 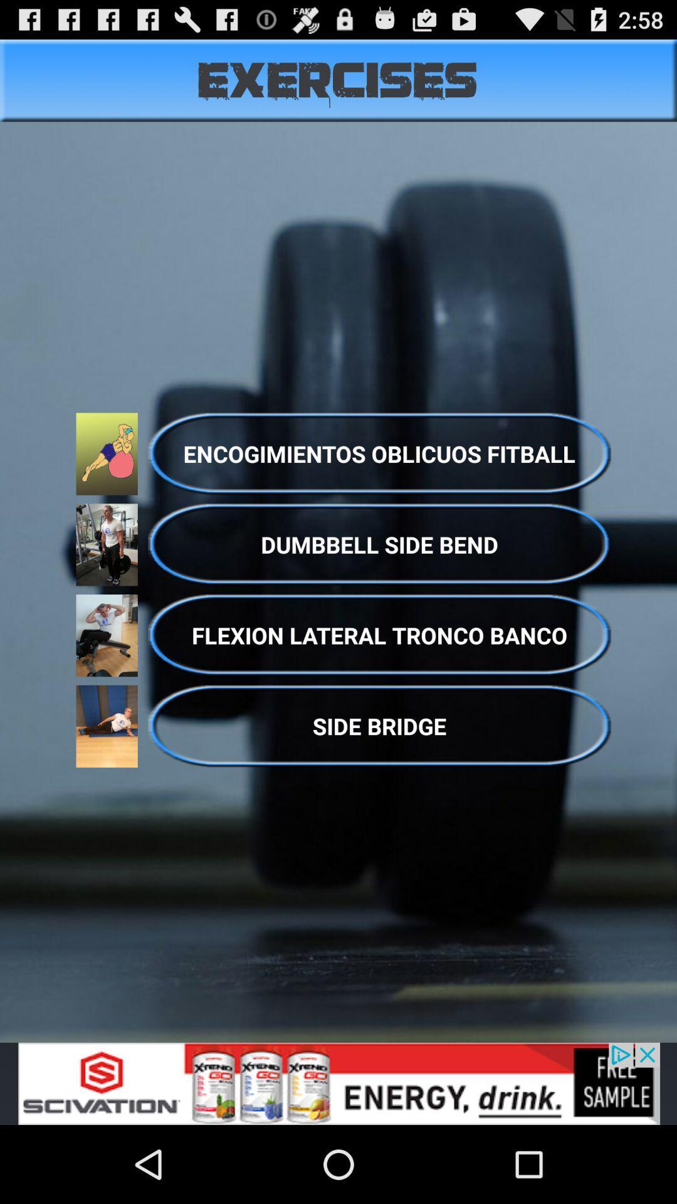 I want to click on jimnastics, so click(x=338, y=1083).